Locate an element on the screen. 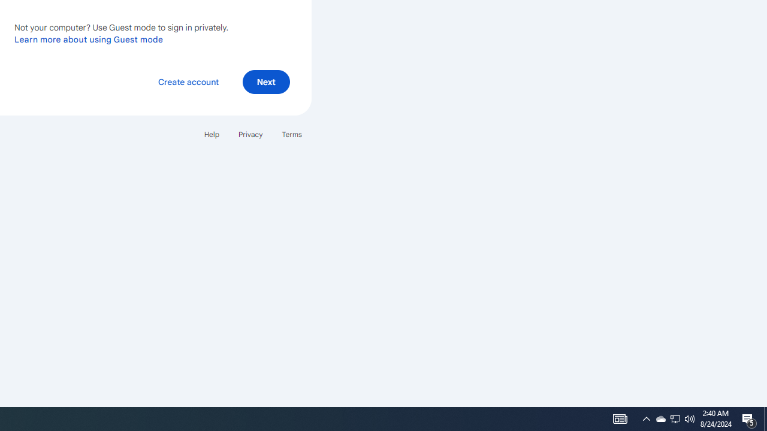  'Create account' is located at coordinates (188, 81).